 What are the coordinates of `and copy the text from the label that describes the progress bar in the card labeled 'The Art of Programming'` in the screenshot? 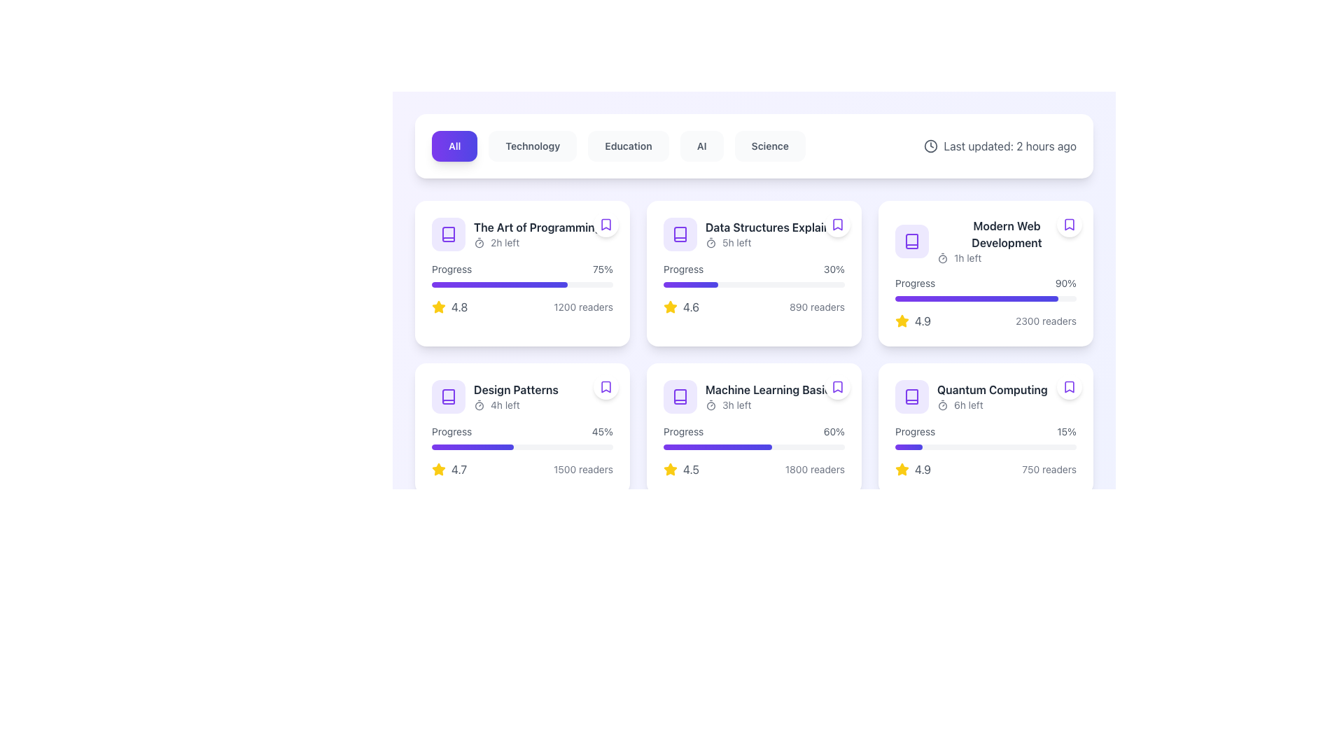 It's located at (451, 269).